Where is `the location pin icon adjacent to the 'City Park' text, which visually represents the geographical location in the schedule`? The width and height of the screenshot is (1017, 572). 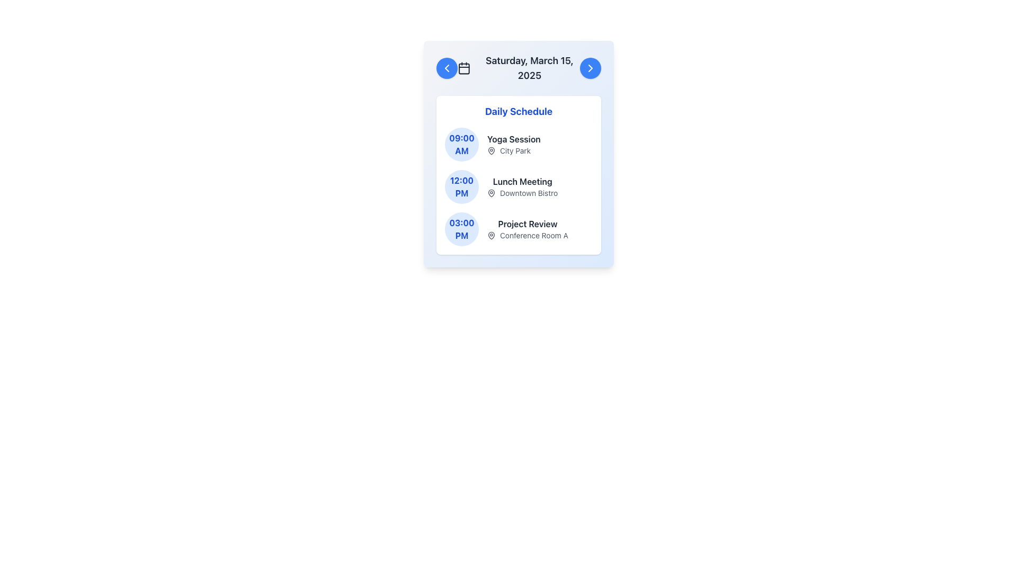 the location pin icon adjacent to the 'City Park' text, which visually represents the geographical location in the schedule is located at coordinates (490, 150).